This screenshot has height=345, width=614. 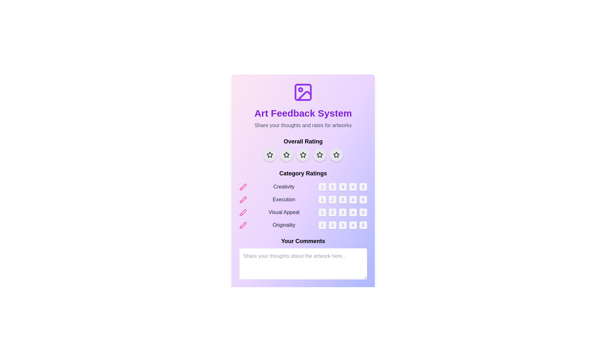 What do you see at coordinates (270, 155) in the screenshot?
I see `the leftmost circular button with a light gray background and a black star icon under the 'Overall Rating' heading` at bounding box center [270, 155].